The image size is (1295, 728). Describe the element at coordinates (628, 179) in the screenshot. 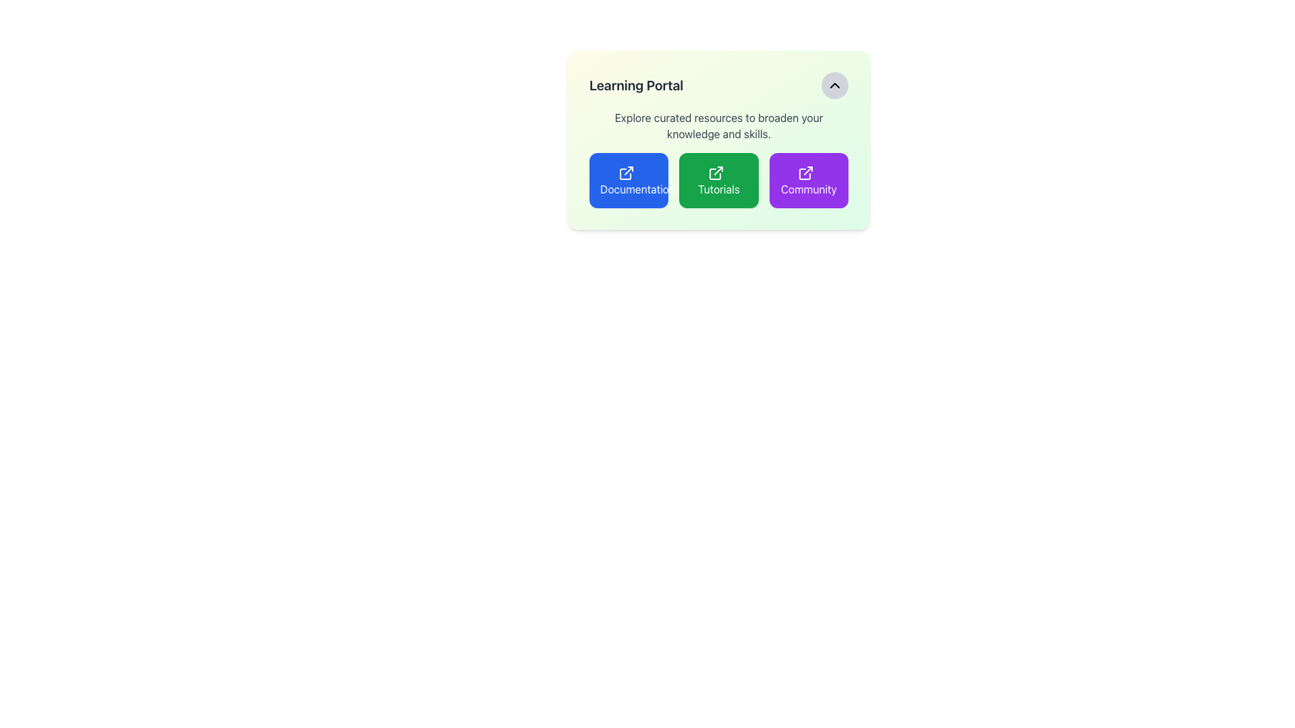

I see `the blue button labeled 'Documentation' with rounded corners to observe the color change` at that location.